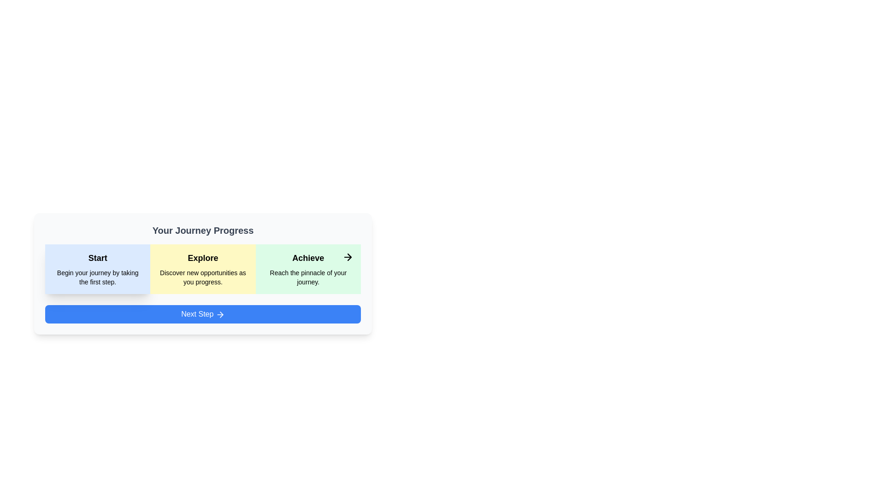 The image size is (885, 497). Describe the element at coordinates (202, 277) in the screenshot. I see `the static text label in the 'Explore' section, which provides descriptive guidance or motivation related to progression` at that location.